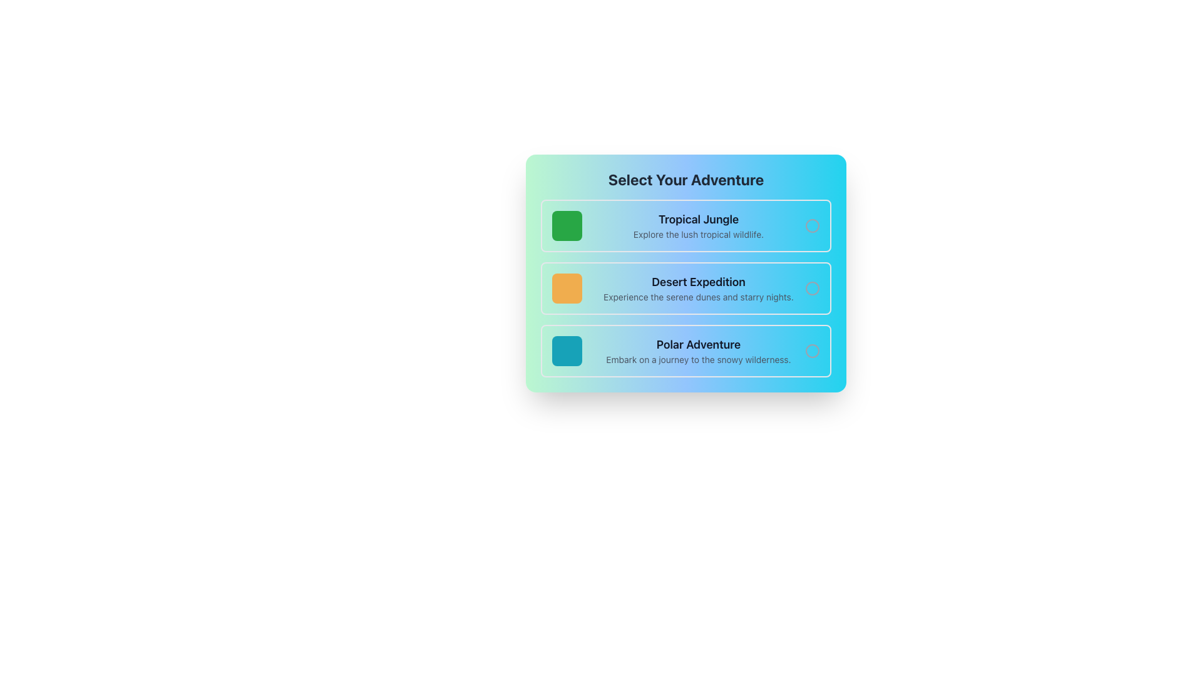 The image size is (1202, 676). I want to click on the Description Block containing the title 'Polar Adventure' and the subtitle 'Embark on a journey to the snowy wilderness.' which is located below the 'Desert Expedition' option, so click(698, 351).